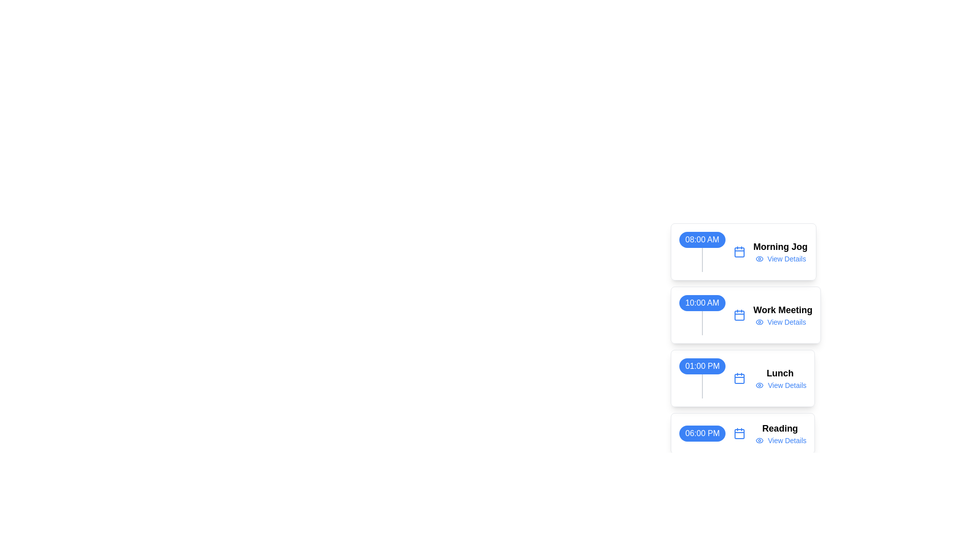  What do you see at coordinates (702, 378) in the screenshot?
I see `the scheduled time label that indicates the start time of an appointment or event, positioned above a vertical line and to the left of the 'Lunch' text` at bounding box center [702, 378].